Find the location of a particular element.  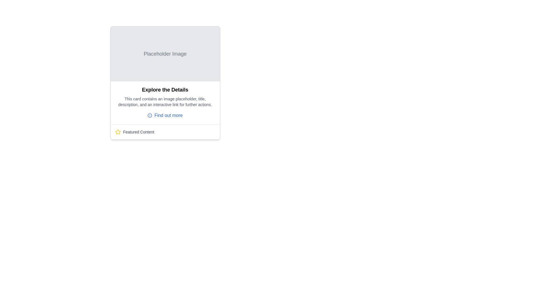

the text within the Content card section, which is centrally positioned below the placeholder image and above the Featured Content, to ensure accessibility support is located at coordinates (165, 103).